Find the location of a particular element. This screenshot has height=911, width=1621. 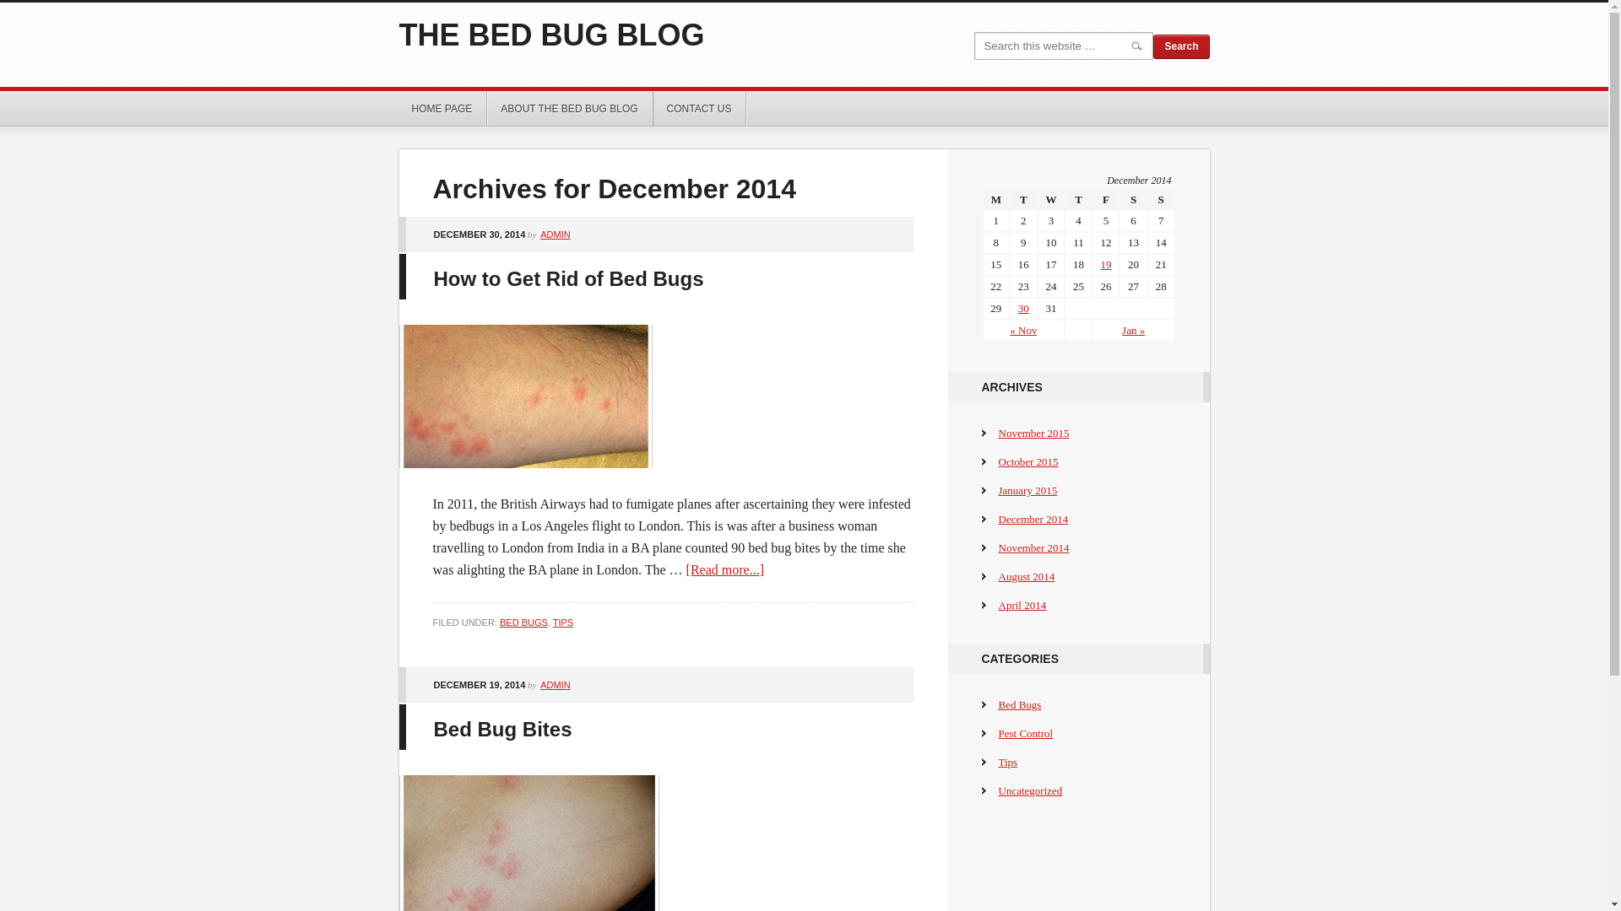

'HOME PAGE' is located at coordinates (442, 108).